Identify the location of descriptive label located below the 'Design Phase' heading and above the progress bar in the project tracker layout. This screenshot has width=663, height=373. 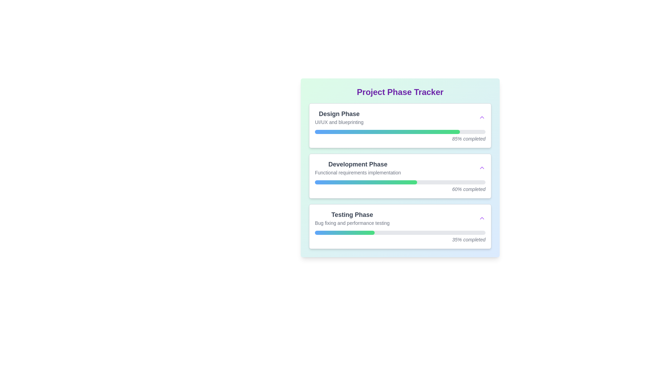
(339, 122).